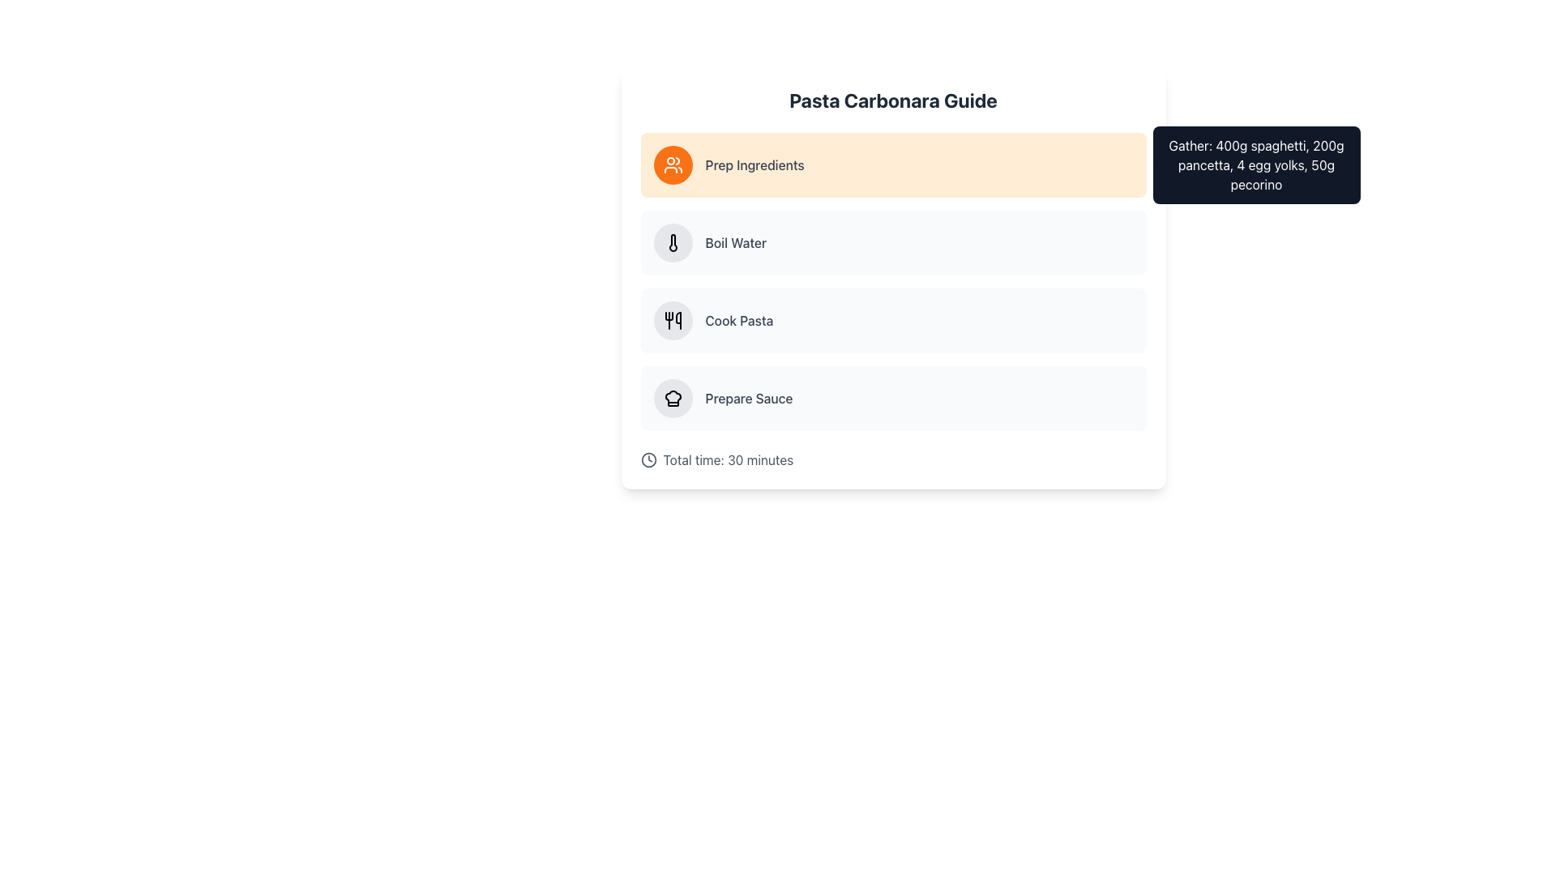  I want to click on the circular component representing the outer boundary of the clock icon, which is adjacent to the text 'Total time: 30 minutes' in the bottom left of the list item, so click(648, 459).